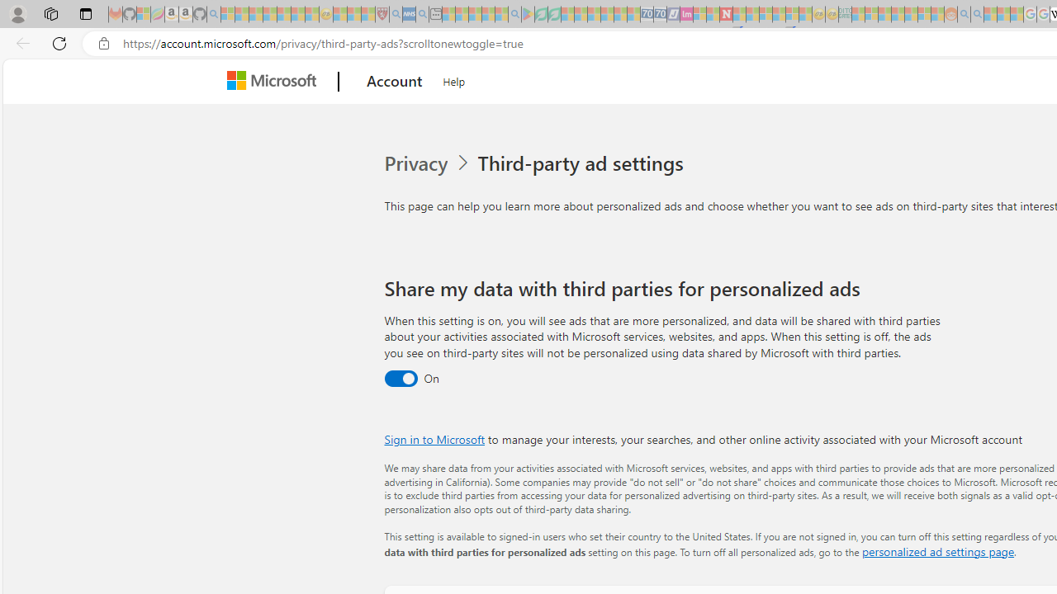 The height and width of the screenshot is (594, 1057). I want to click on 'personalized ad settings page', so click(938, 551).